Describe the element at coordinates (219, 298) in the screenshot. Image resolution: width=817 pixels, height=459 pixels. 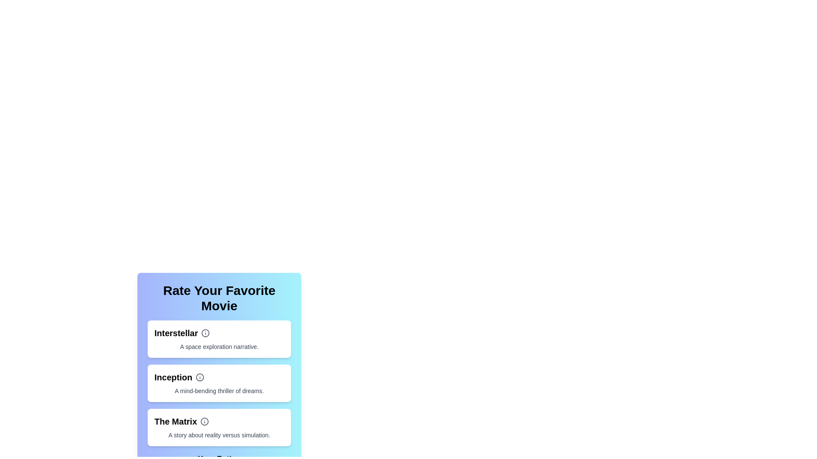
I see `text displayed in the Text Label that serves as the title or heading for the section about rating movies` at that location.